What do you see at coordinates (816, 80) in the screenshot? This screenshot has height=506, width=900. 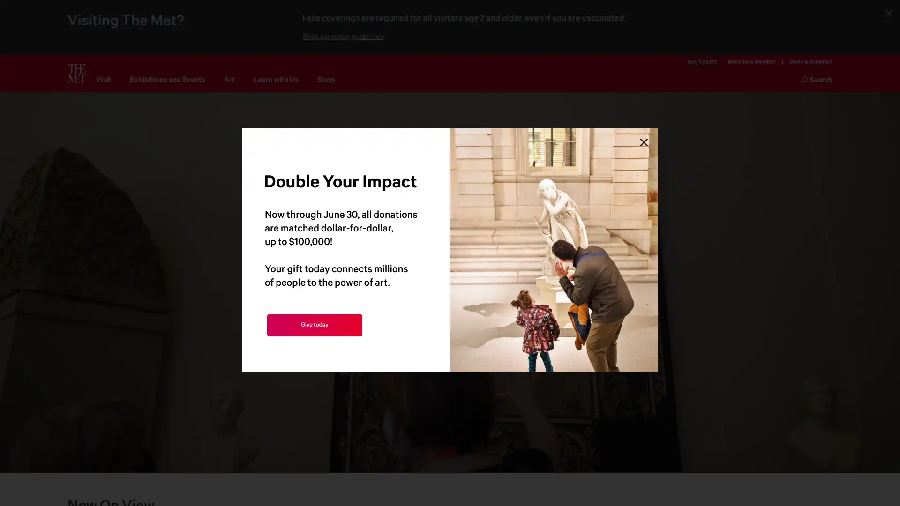 I see `Search` at bounding box center [816, 80].